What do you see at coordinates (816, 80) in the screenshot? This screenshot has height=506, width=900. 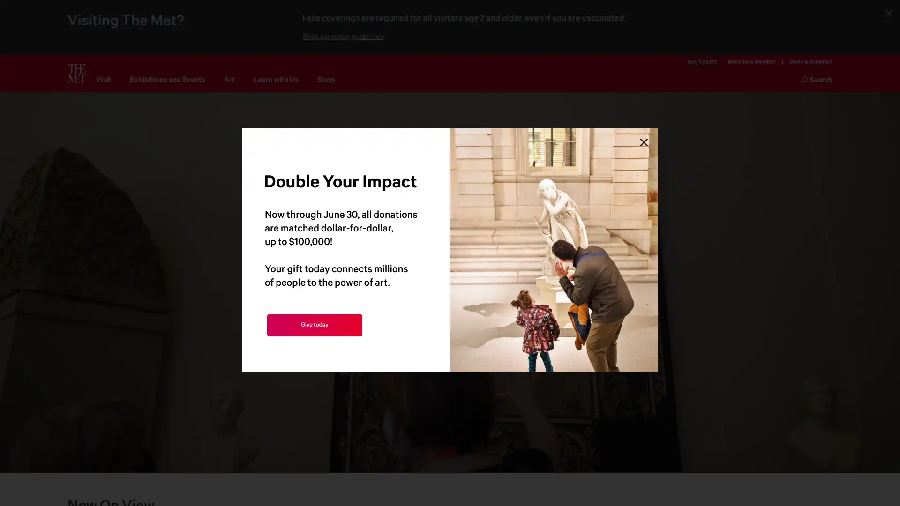 I see `Search` at bounding box center [816, 80].